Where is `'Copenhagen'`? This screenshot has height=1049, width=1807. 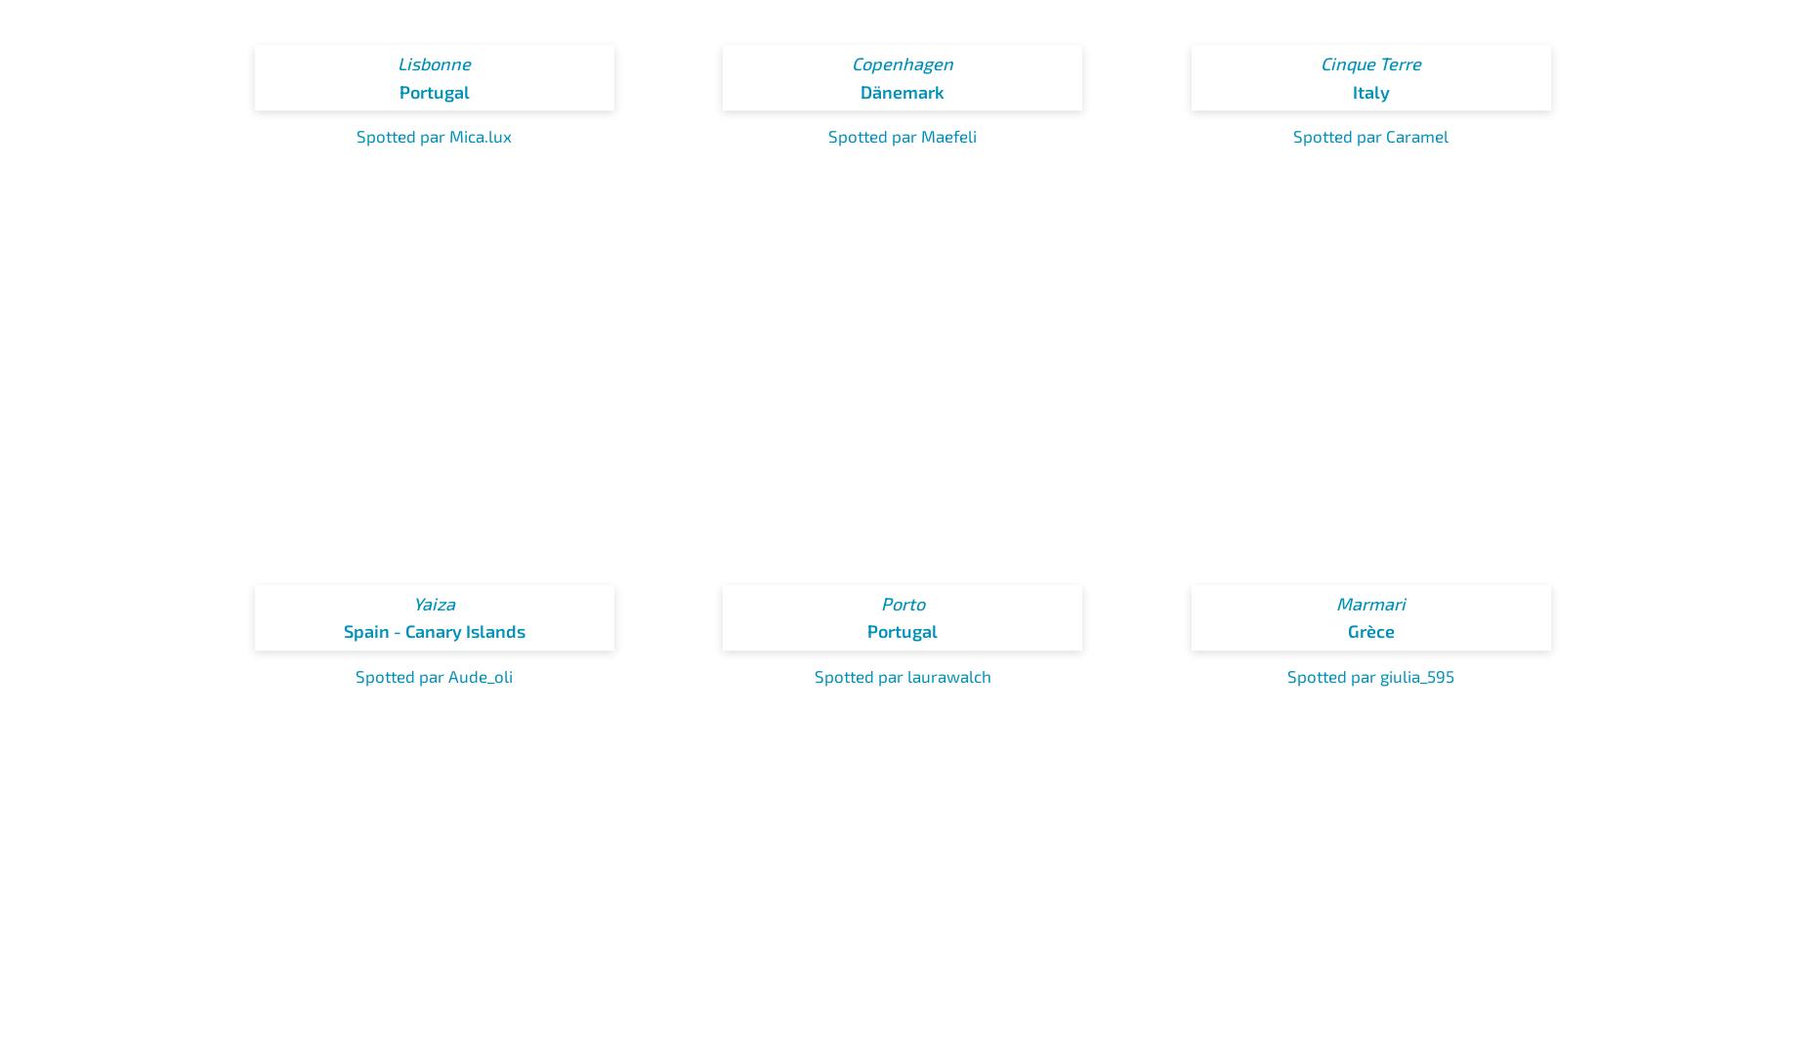
'Copenhagen' is located at coordinates (903, 63).